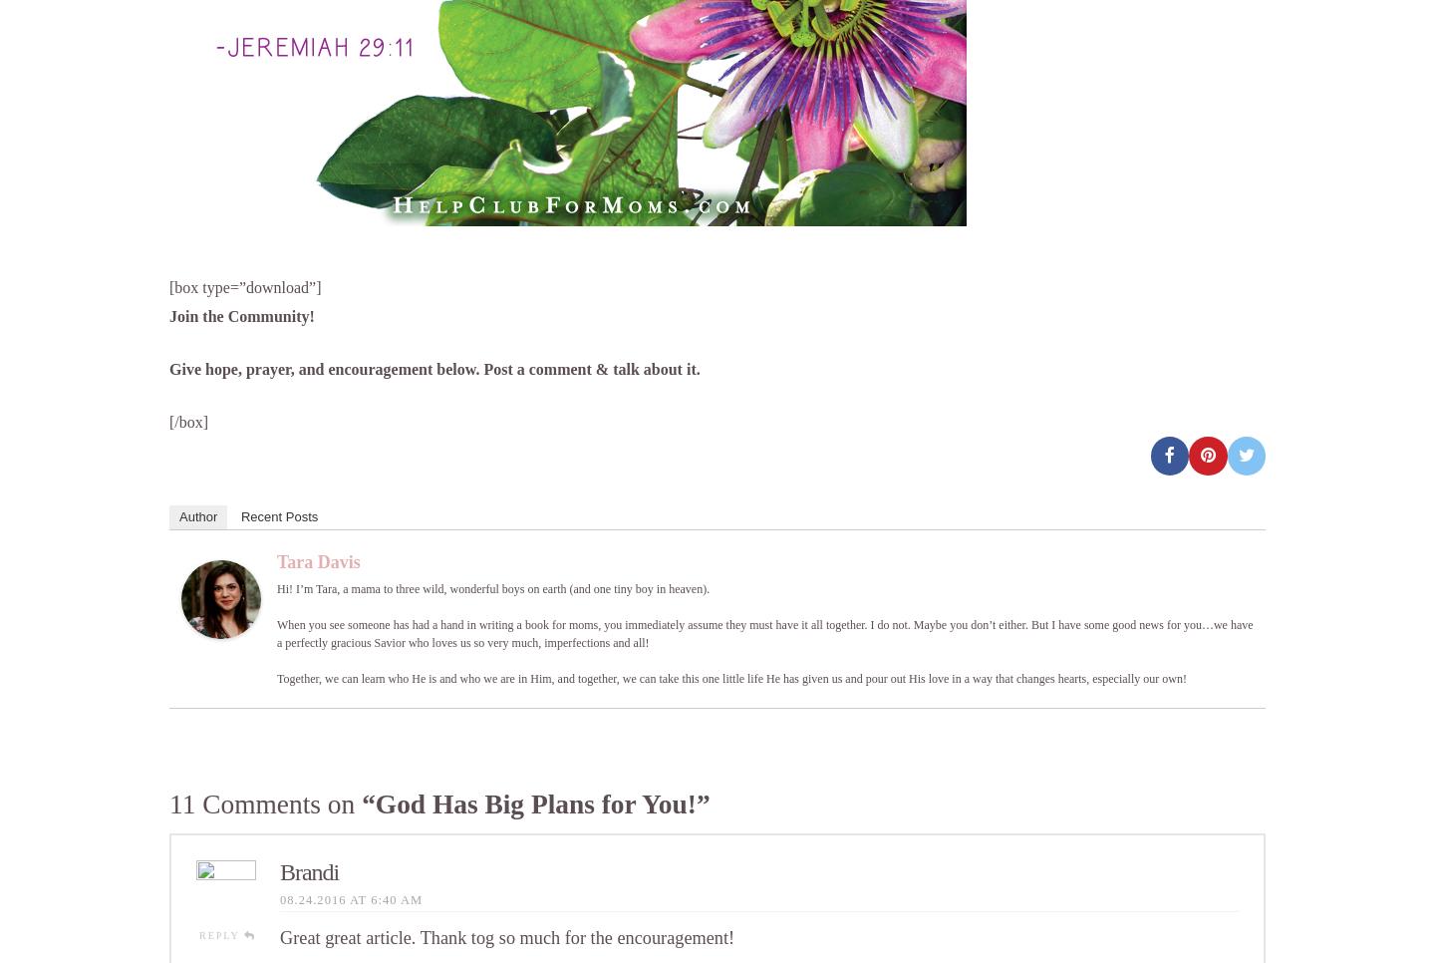 The image size is (1435, 963). I want to click on 'Reply', so click(221, 934).